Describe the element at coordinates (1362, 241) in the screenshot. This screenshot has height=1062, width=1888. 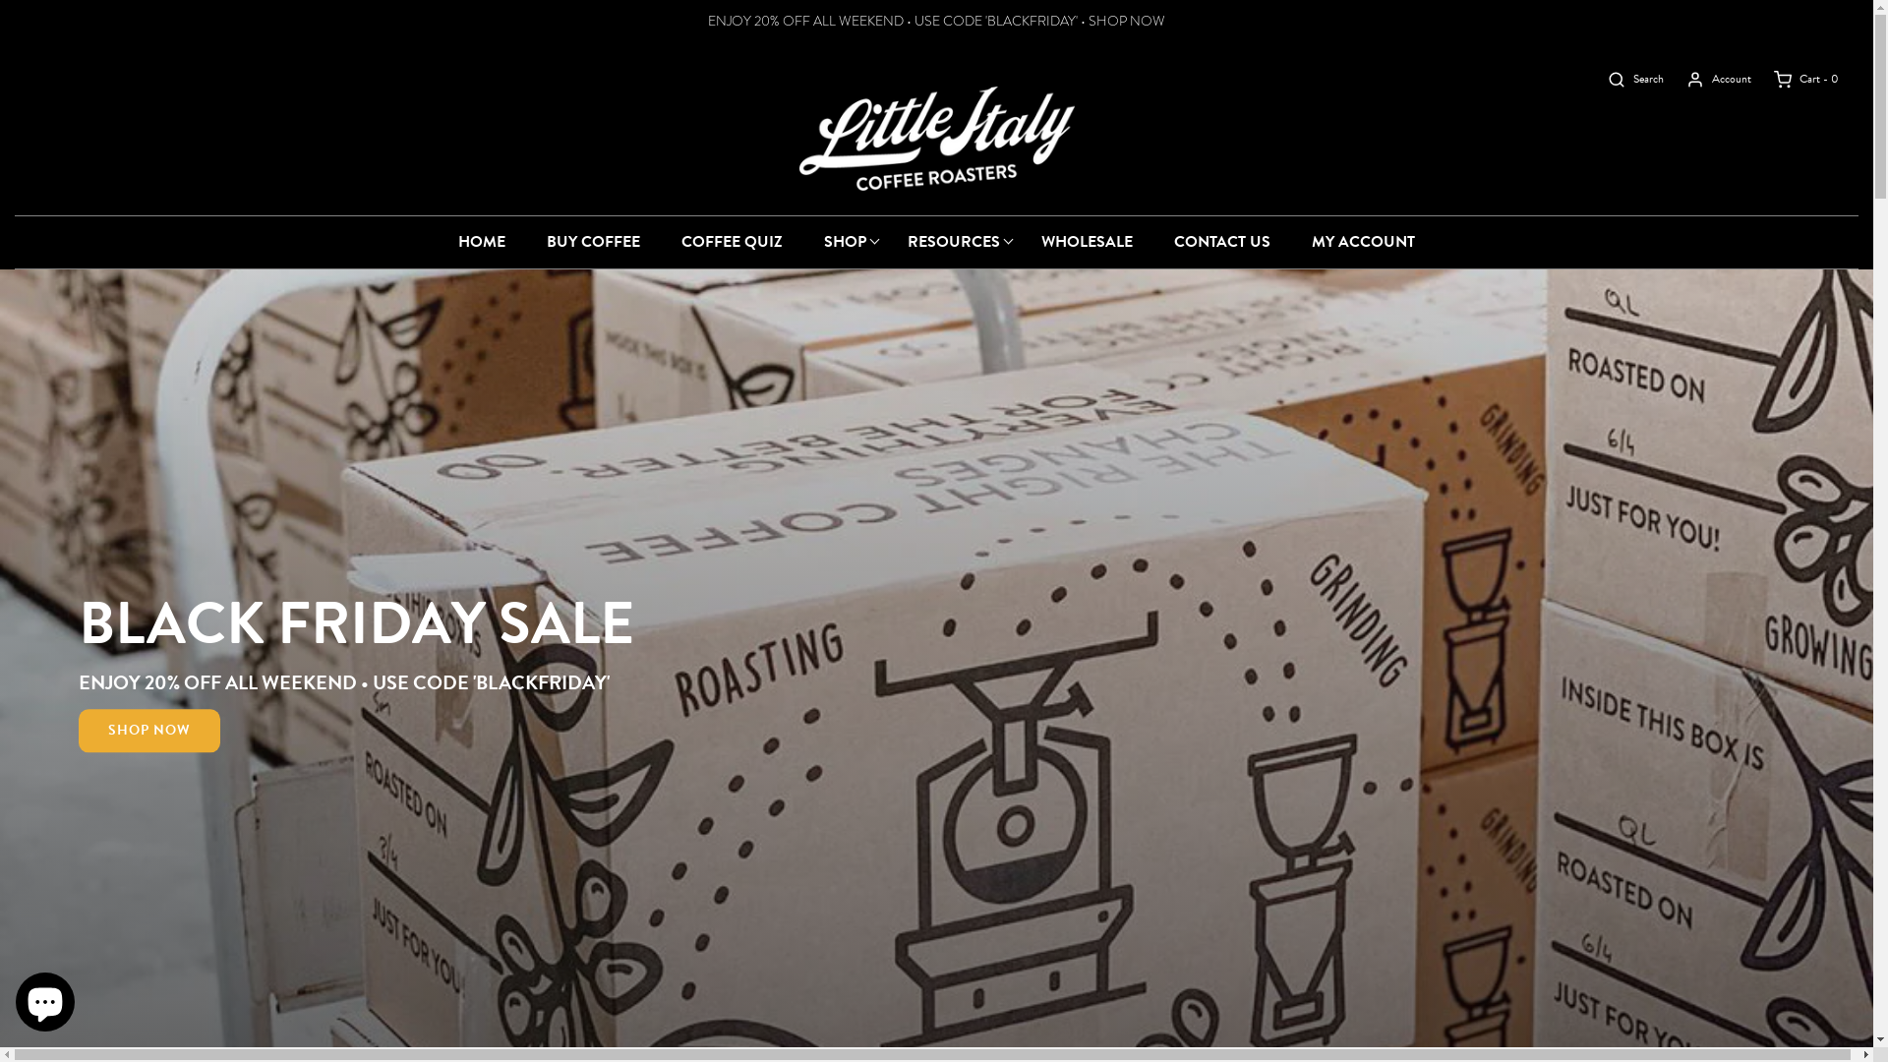
I see `'MY ACCOUNT'` at that location.